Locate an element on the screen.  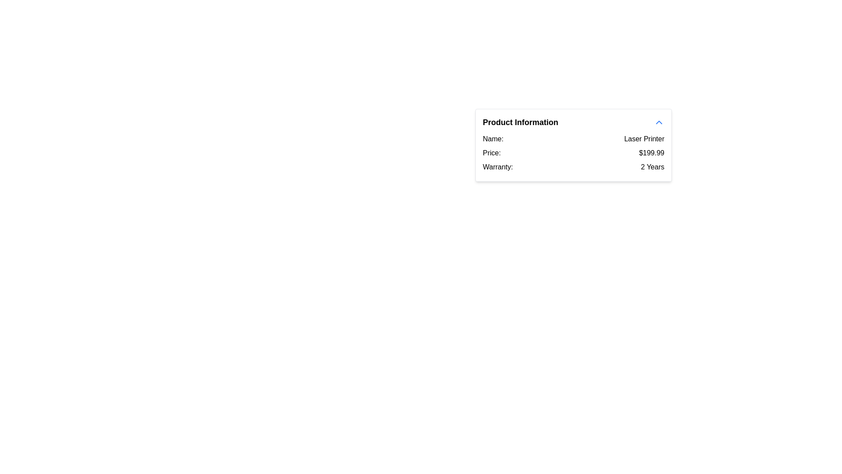
the Chevron Icon located at the rightmost end of the 'Product Information' header is located at coordinates (659, 122).